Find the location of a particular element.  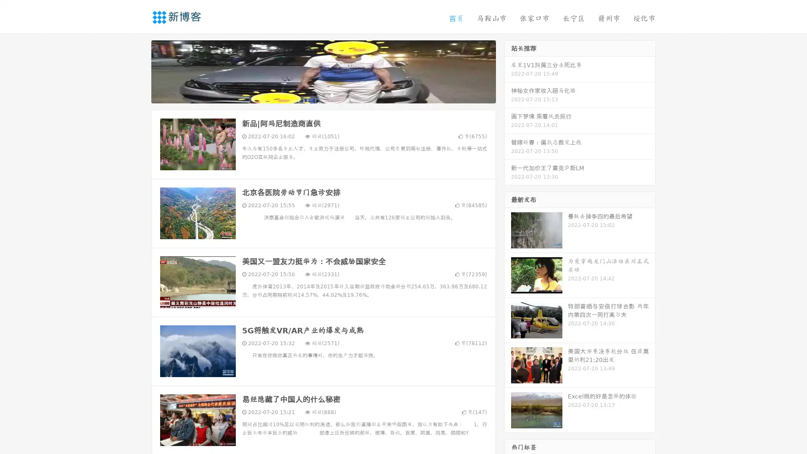

Go to slide 3 is located at coordinates (332, 95).